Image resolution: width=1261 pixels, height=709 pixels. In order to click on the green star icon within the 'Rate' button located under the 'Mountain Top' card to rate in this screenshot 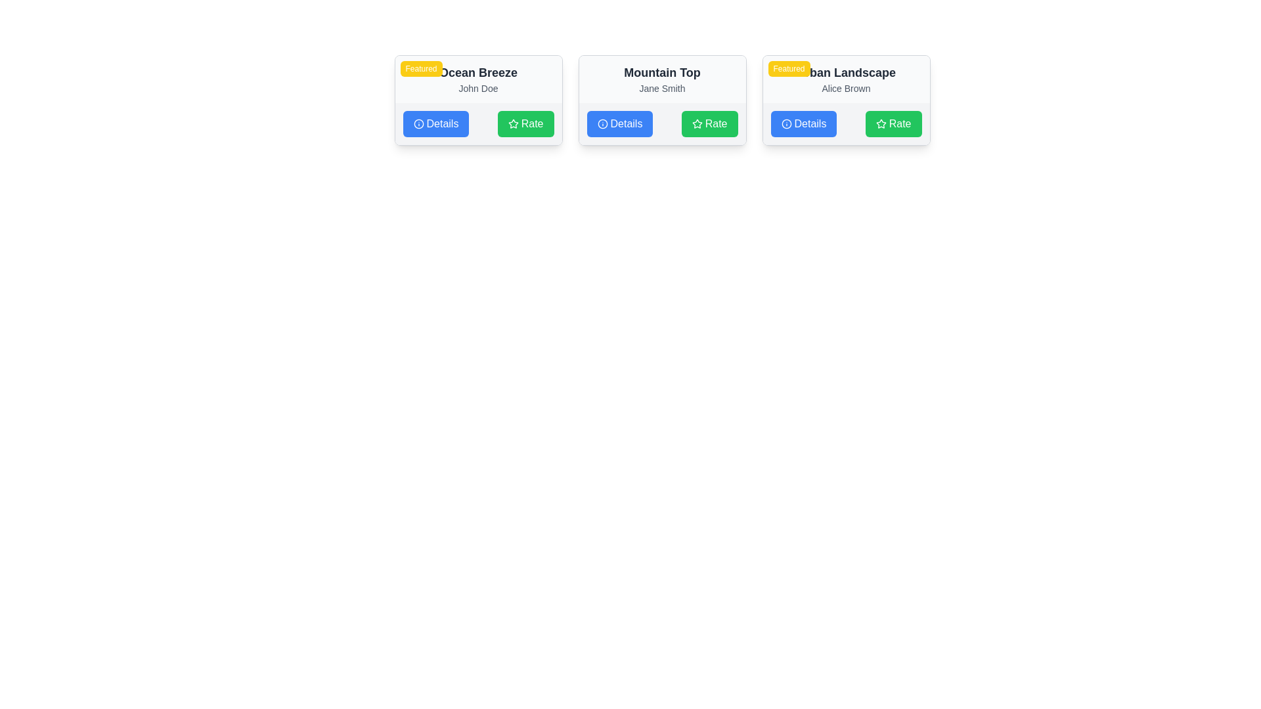, I will do `click(696, 123)`.